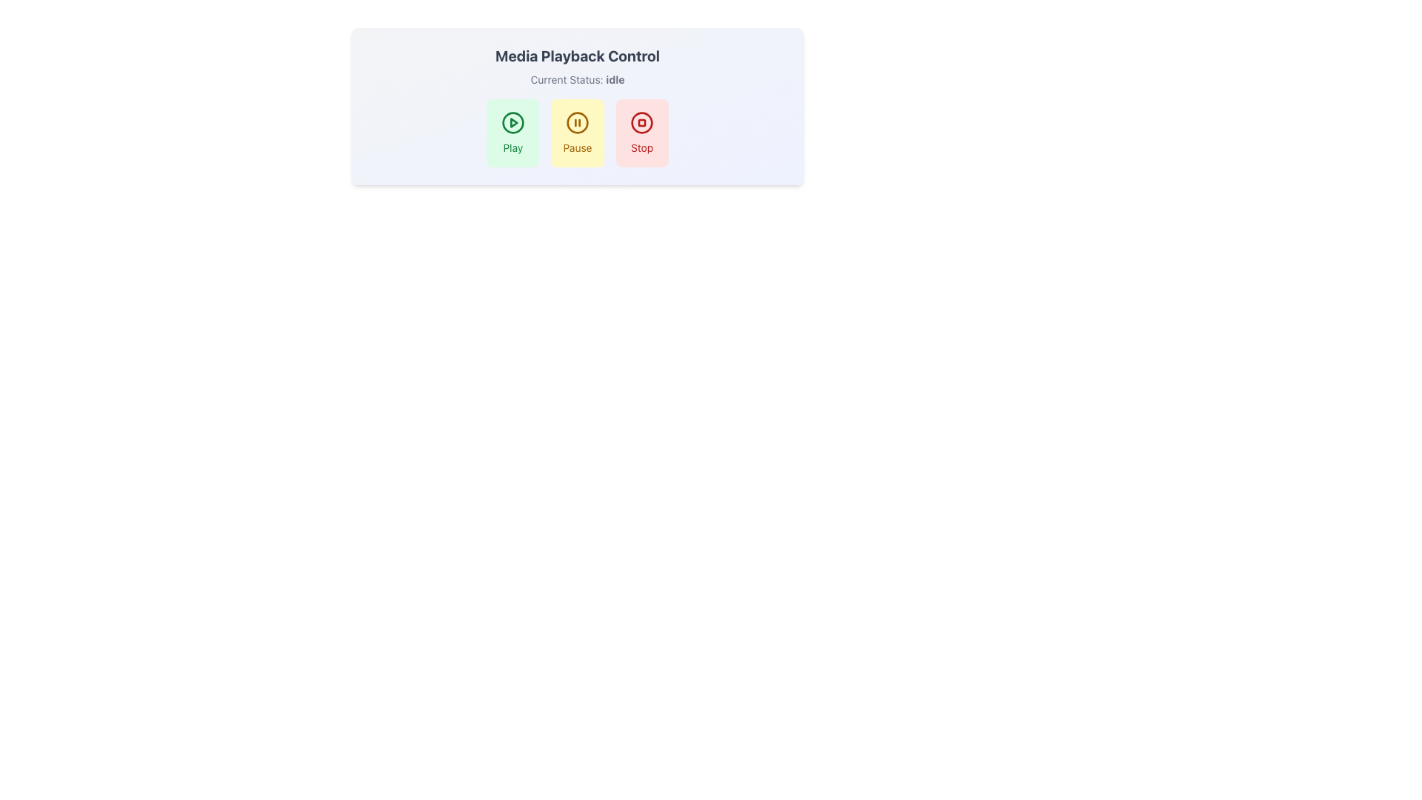  I want to click on the green rectangular 'Play' button with a circular play icon to initiate playback, so click(513, 133).